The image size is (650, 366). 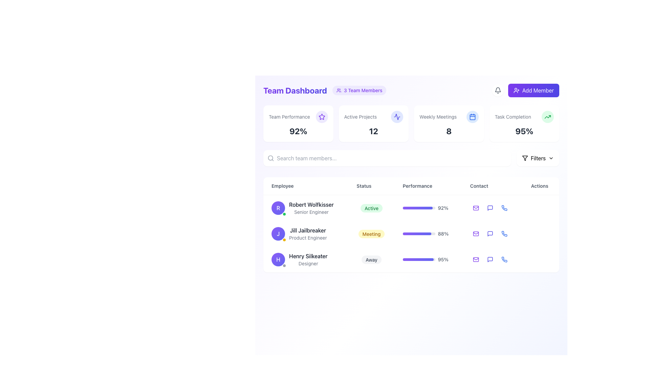 I want to click on the phone call icon located in the 'Actions' column for the user 'Henry Silkeater', so click(x=504, y=207).